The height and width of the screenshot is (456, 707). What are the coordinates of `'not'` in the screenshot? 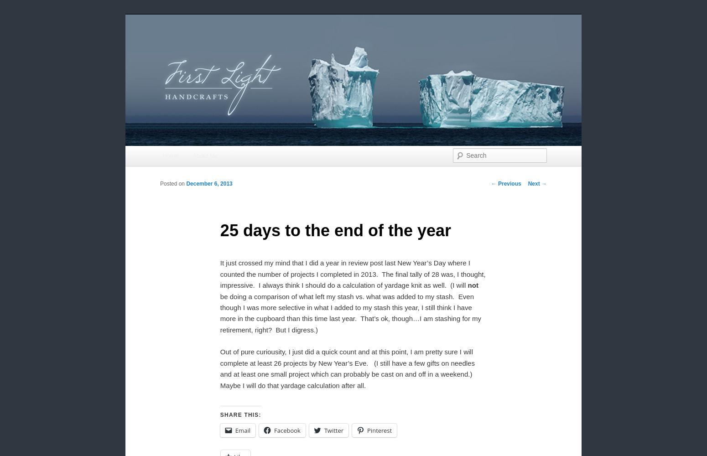 It's located at (473, 285).